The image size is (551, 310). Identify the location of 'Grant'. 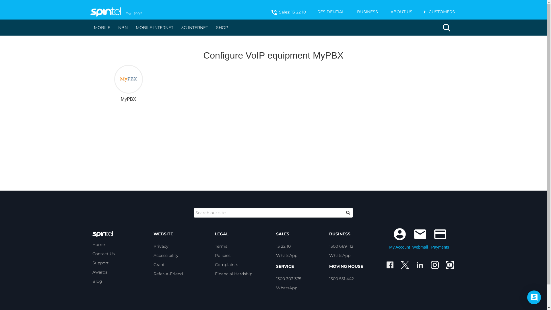
(159, 264).